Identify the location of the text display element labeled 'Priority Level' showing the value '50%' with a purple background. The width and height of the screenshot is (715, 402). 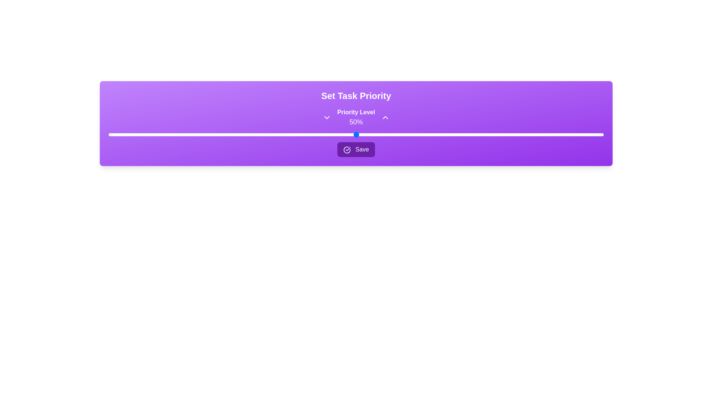
(356, 117).